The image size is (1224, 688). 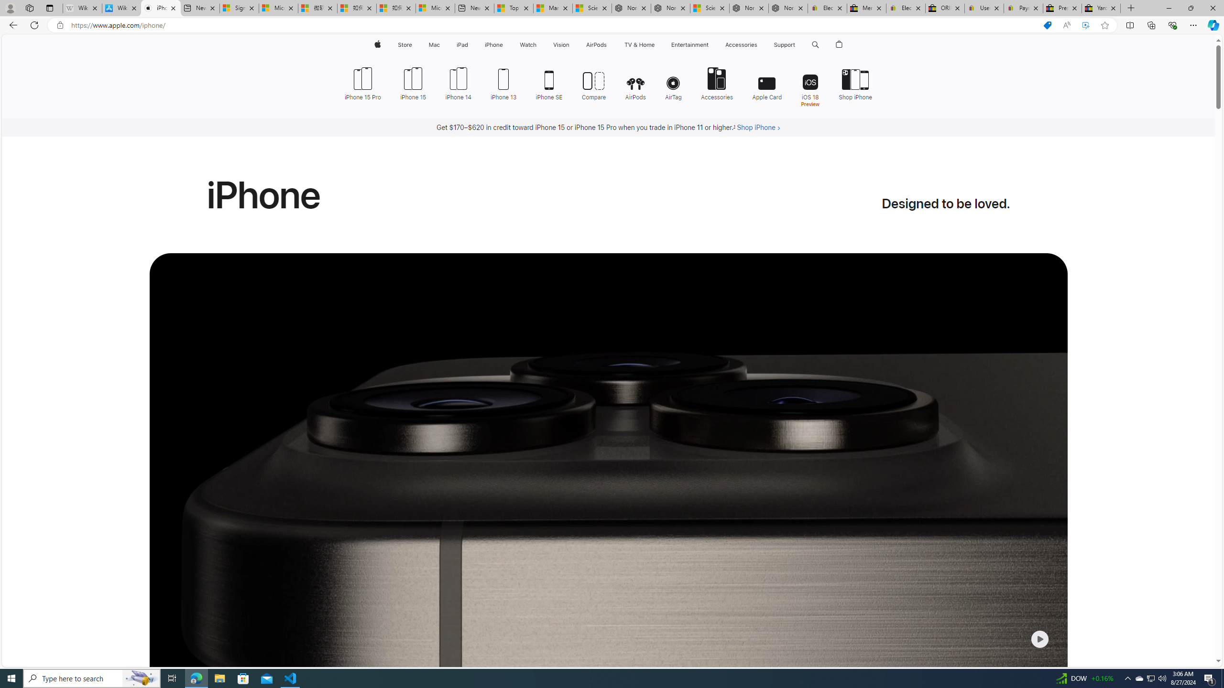 What do you see at coordinates (435, 8) in the screenshot?
I see `'Microsoft account | Account Checkup'` at bounding box center [435, 8].